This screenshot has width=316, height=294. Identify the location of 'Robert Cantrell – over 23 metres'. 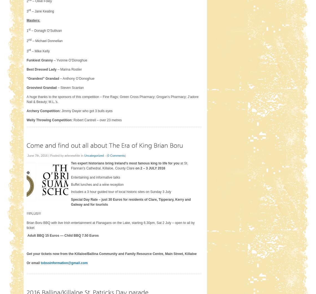
(97, 119).